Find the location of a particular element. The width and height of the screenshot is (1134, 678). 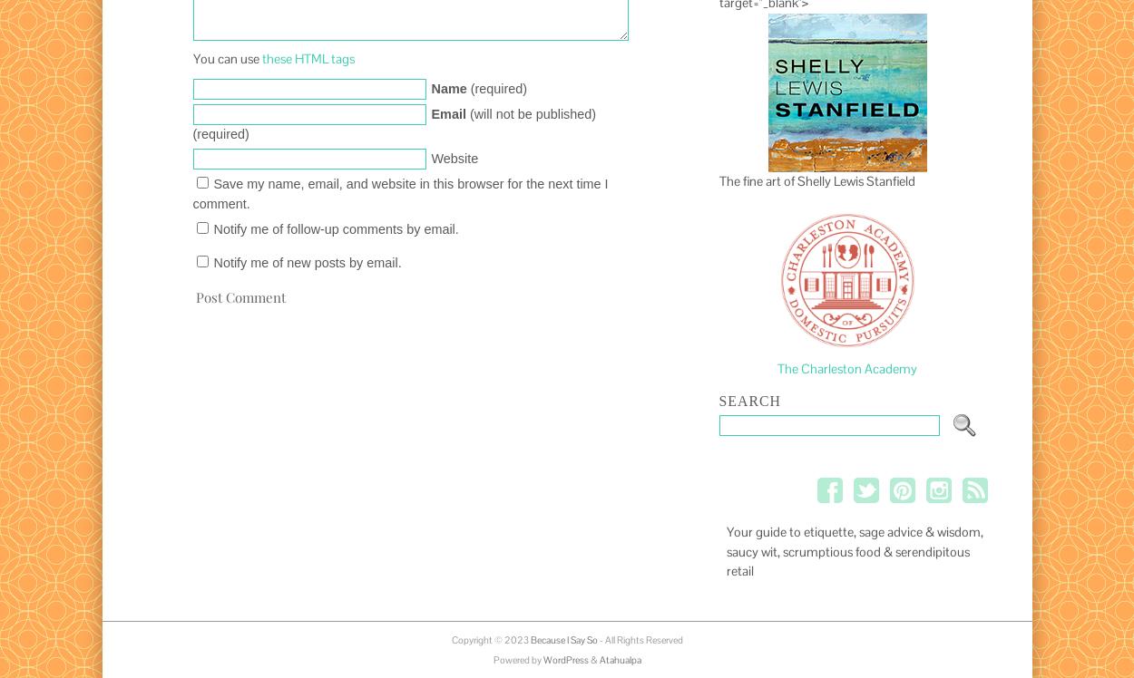

'Your guide to etiquette, sage advice & wisdom, saucy wit, scrumptious food & serendipitous retail' is located at coordinates (853, 551).